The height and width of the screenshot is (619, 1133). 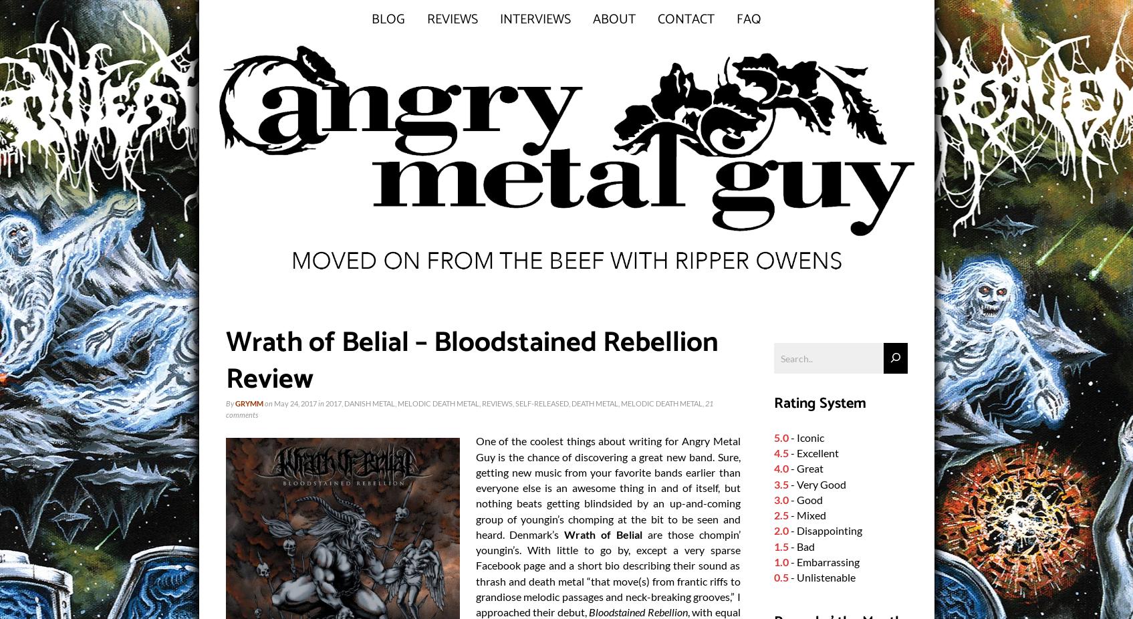 What do you see at coordinates (602, 534) in the screenshot?
I see `'Wrath of Belial'` at bounding box center [602, 534].